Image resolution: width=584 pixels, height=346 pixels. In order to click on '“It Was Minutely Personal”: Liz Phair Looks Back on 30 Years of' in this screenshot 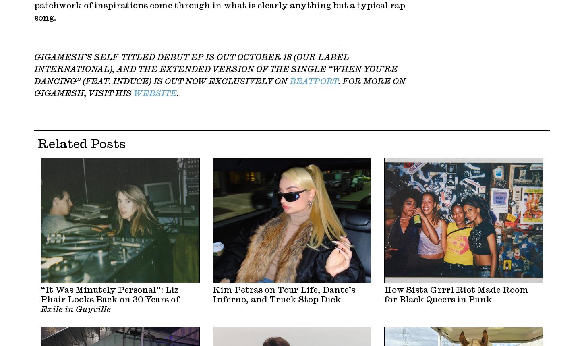, I will do `click(41, 294)`.